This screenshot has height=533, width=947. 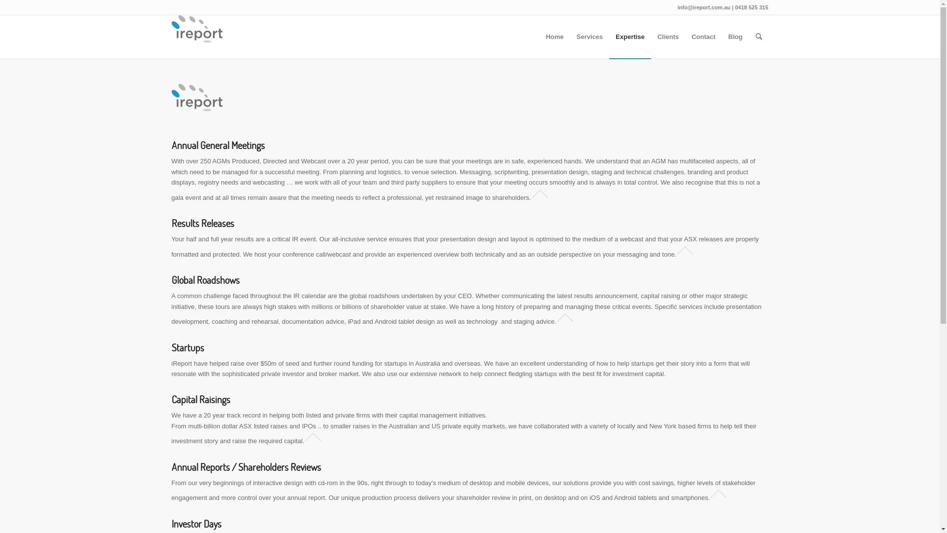 I want to click on 'Contact', so click(x=684, y=36).